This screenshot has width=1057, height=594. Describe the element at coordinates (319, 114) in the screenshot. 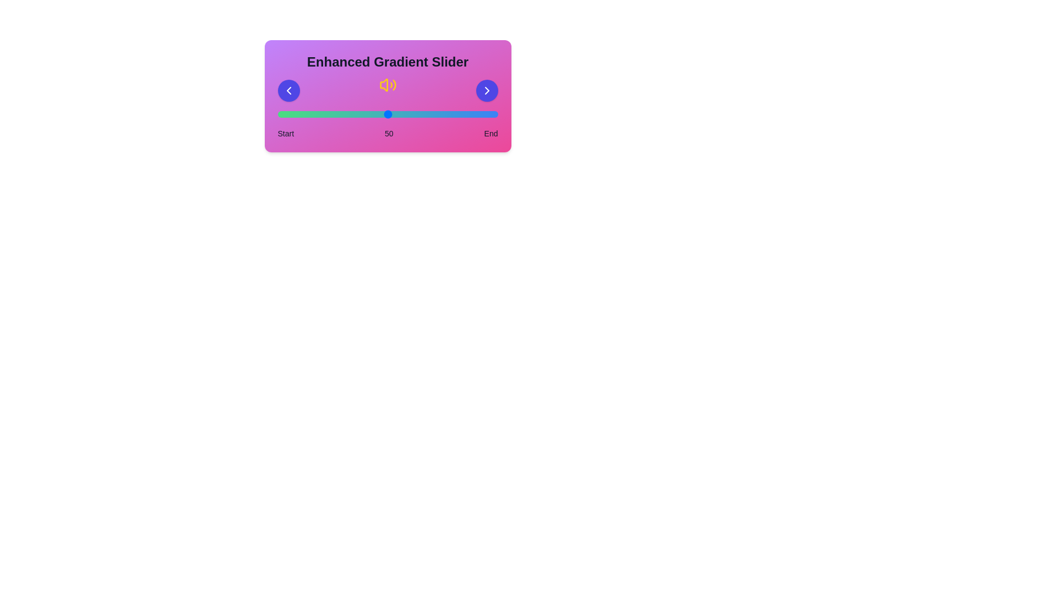

I see `the slider to the value 19` at that location.